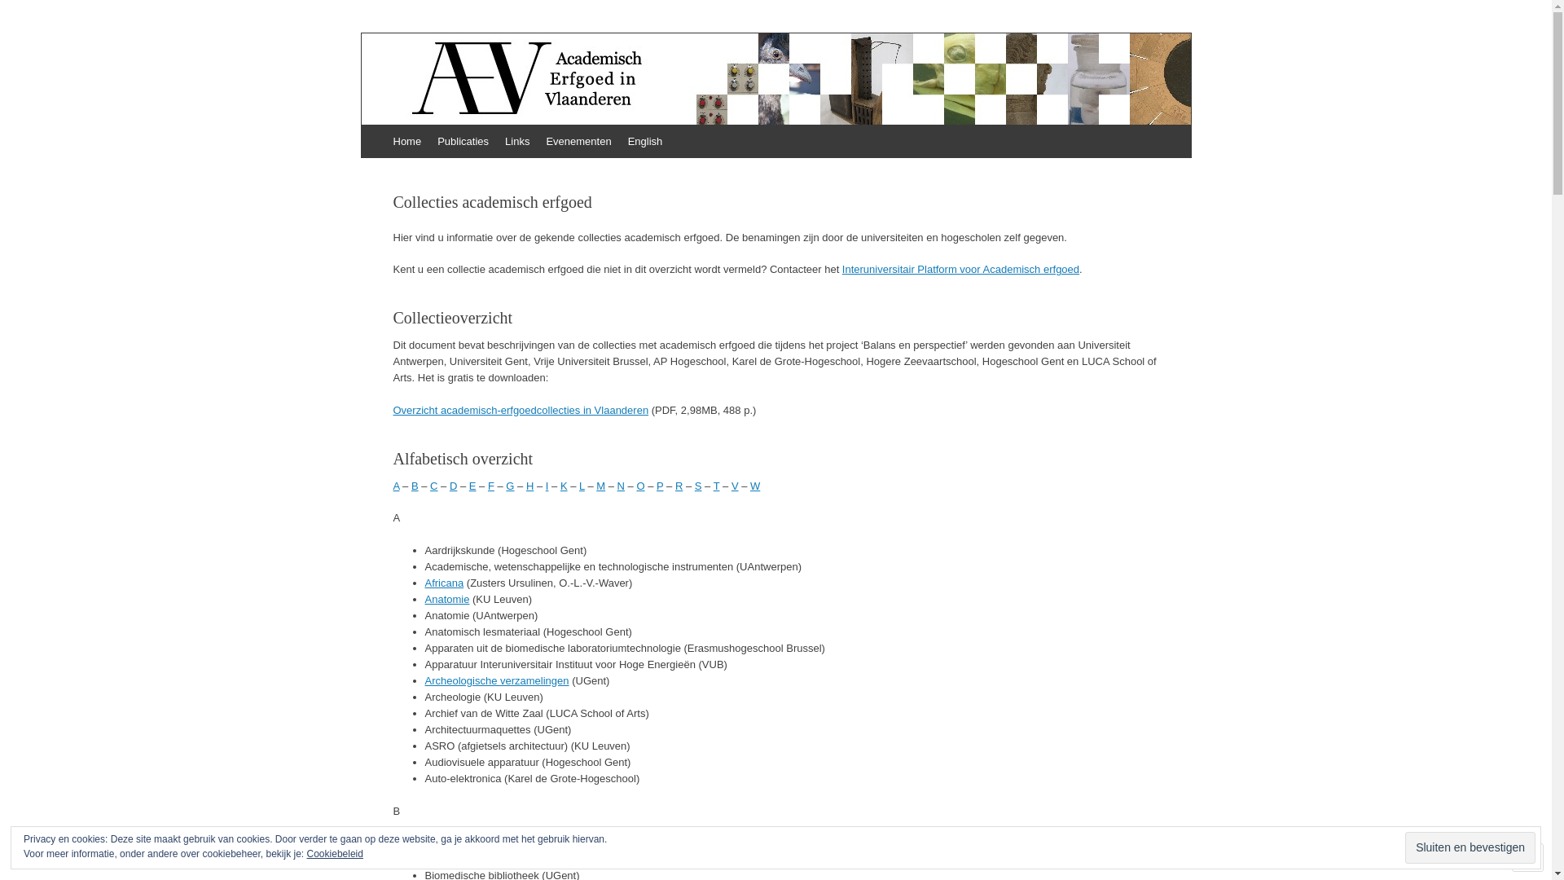  I want to click on 'G', so click(508, 484).